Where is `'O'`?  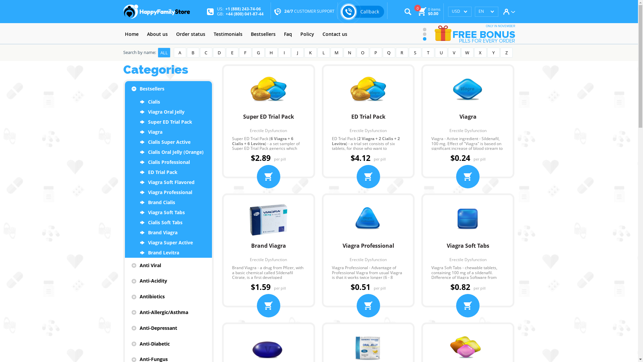 'O' is located at coordinates (362, 52).